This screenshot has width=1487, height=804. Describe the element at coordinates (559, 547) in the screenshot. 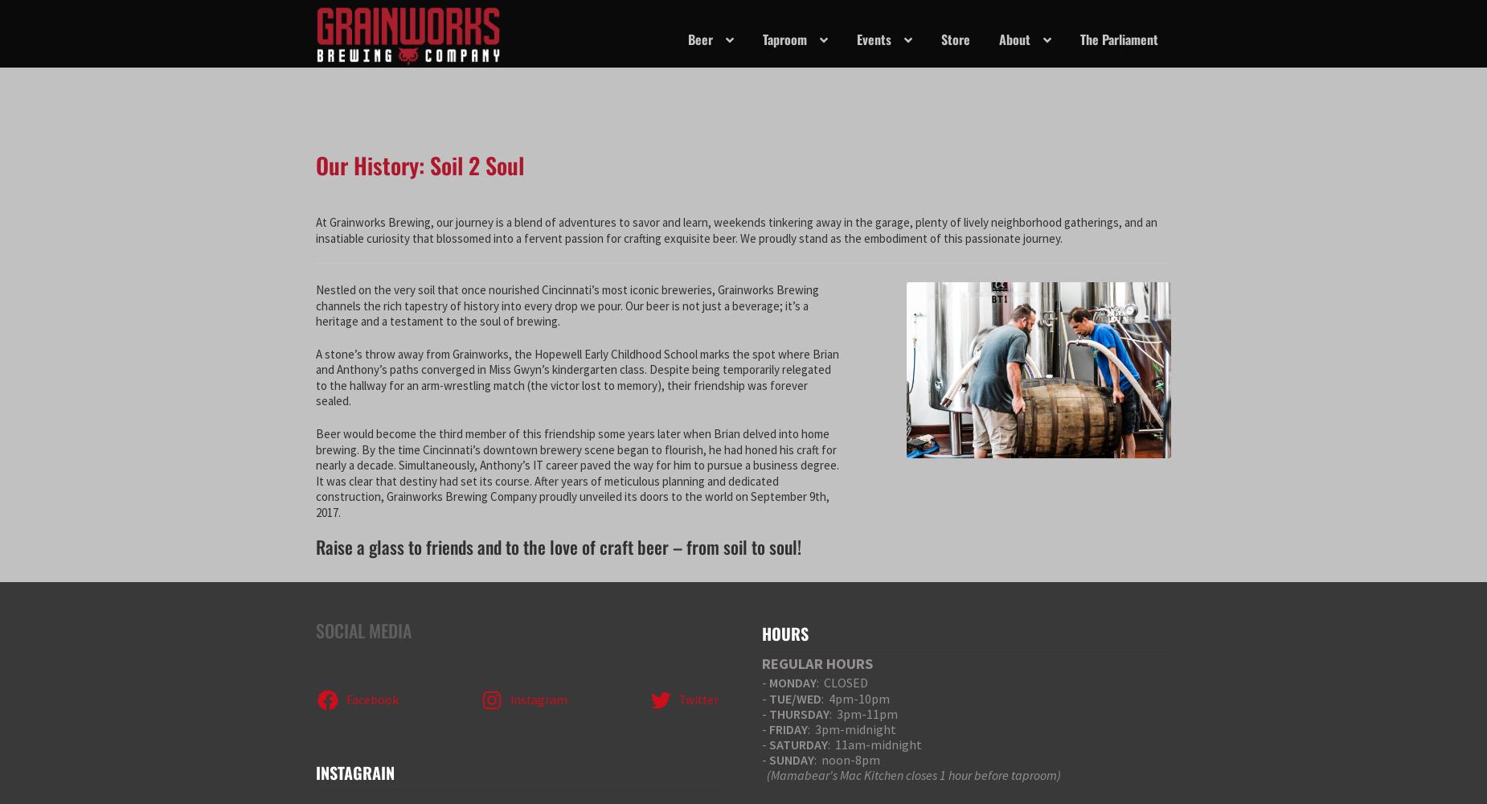

I see `'Raise a glass to friends and to the love of craft beer – from soil to soul!'` at that location.